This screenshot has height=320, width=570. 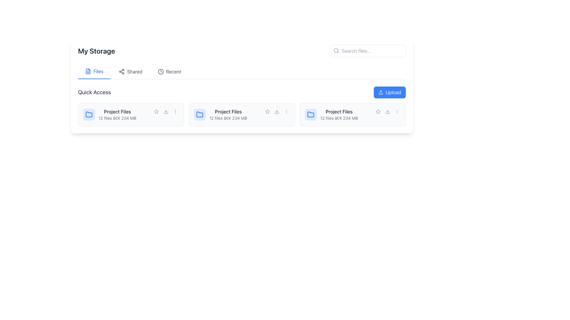 I want to click on the download button located in the 'Quick Access' section, which is positioned to the right of the star icon and before the three-dot menu, to initiate the download, so click(x=276, y=112).